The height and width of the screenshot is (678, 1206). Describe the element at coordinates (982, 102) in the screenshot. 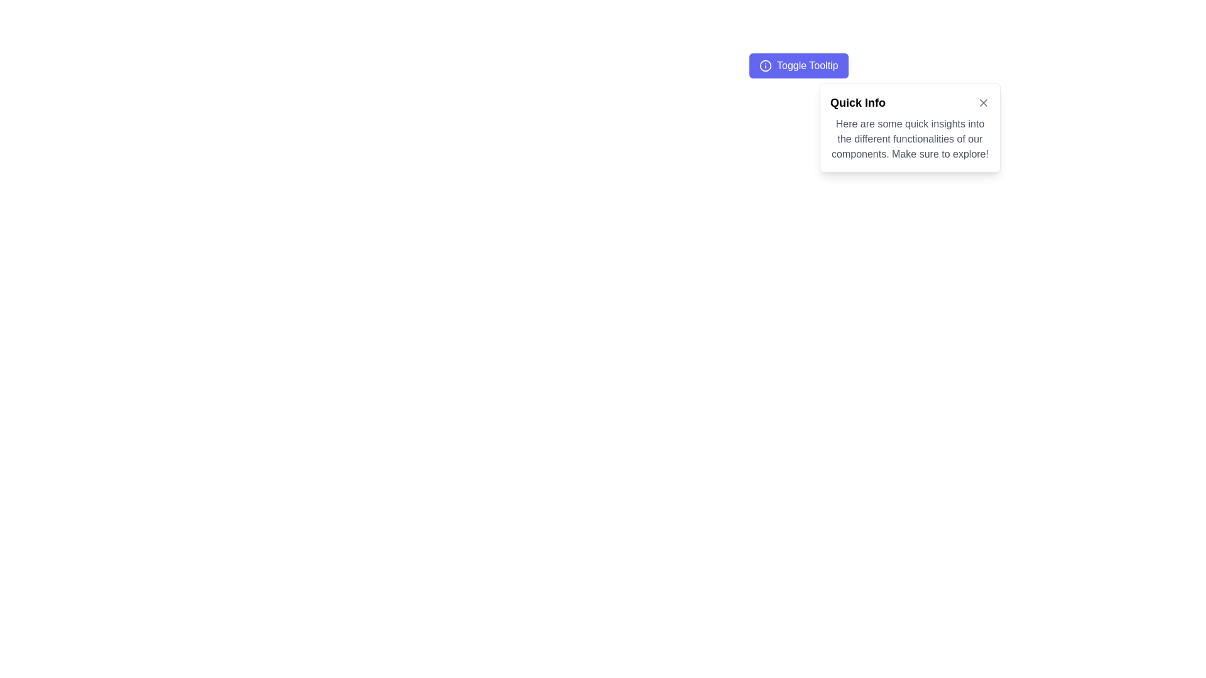

I see `the close button icon located in the top right corner of the 'Quick Info' panel` at that location.